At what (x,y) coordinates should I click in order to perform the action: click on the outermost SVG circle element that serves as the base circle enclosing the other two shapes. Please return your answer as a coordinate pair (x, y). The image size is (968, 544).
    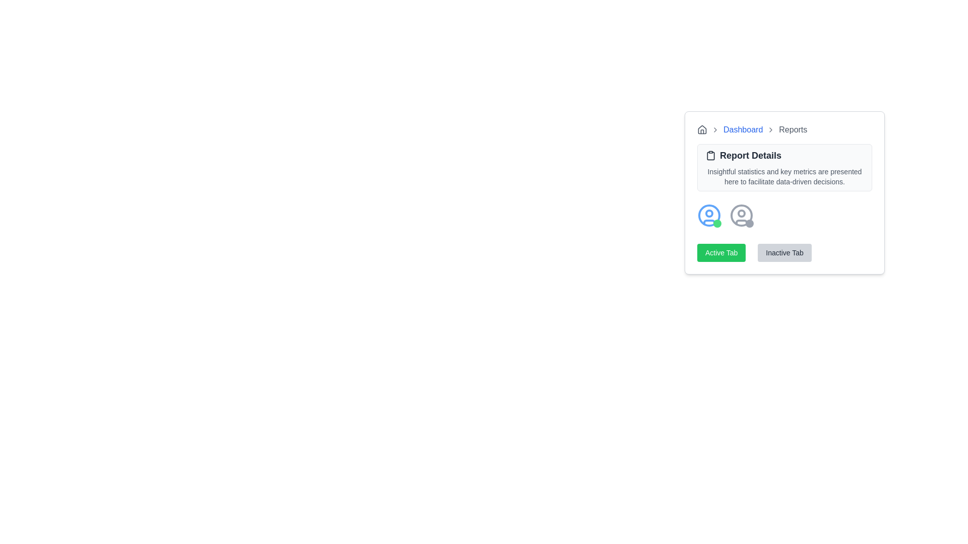
    Looking at the image, I should click on (741, 215).